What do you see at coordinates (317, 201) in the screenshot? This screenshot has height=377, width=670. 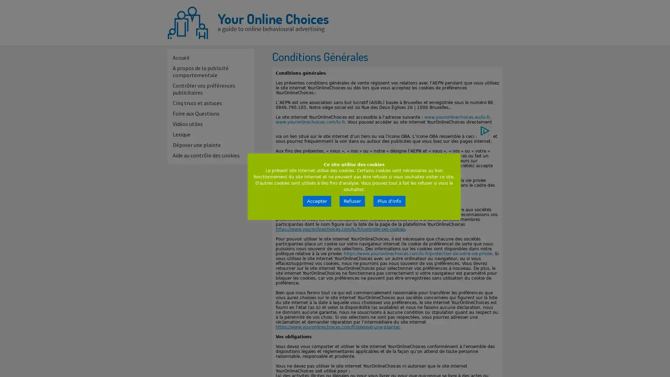 I see `Accepter` at bounding box center [317, 201].